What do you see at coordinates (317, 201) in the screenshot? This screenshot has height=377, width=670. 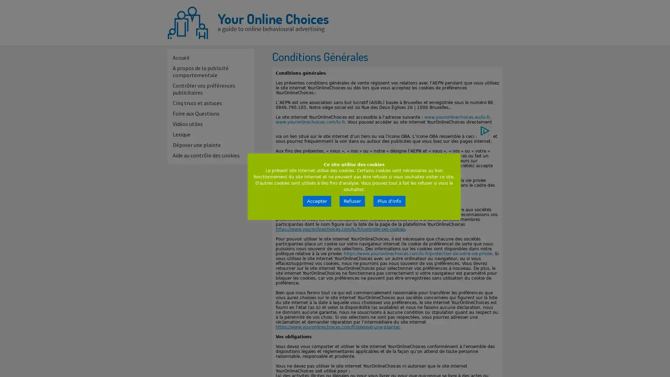 I see `Accepter` at bounding box center [317, 201].